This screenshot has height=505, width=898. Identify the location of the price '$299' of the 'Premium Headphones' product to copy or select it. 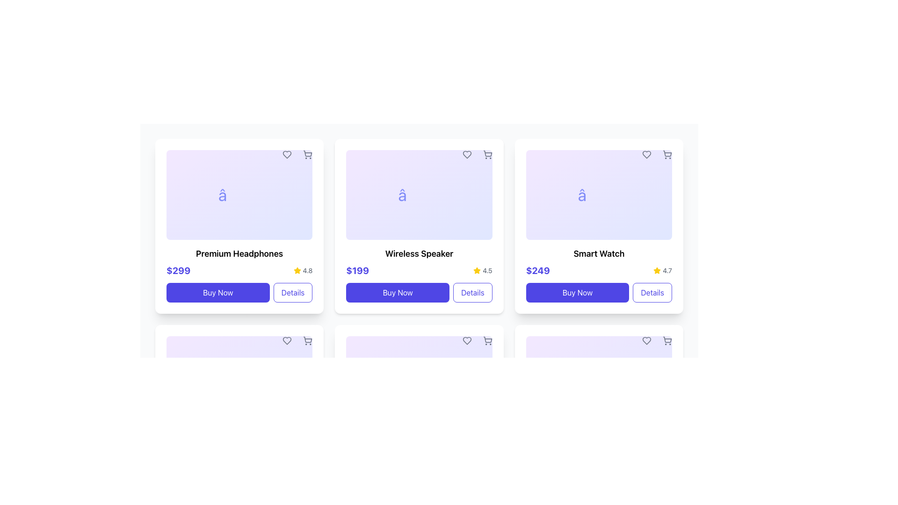
(239, 270).